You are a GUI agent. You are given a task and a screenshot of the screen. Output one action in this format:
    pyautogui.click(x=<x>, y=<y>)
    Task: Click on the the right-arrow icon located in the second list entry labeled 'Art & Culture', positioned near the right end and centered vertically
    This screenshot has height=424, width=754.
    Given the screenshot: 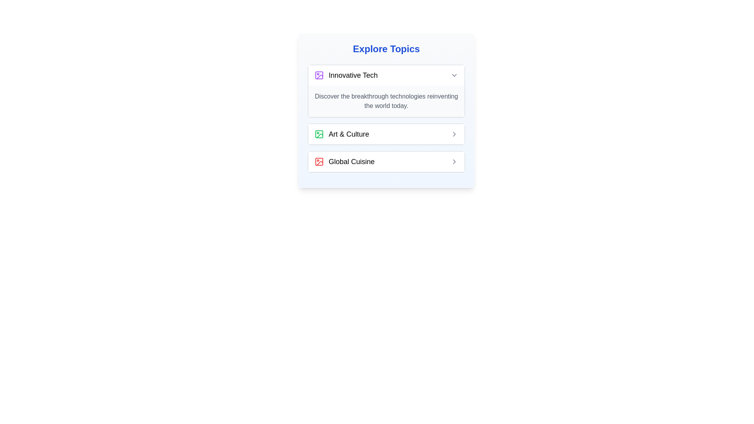 What is the action you would take?
    pyautogui.click(x=454, y=134)
    